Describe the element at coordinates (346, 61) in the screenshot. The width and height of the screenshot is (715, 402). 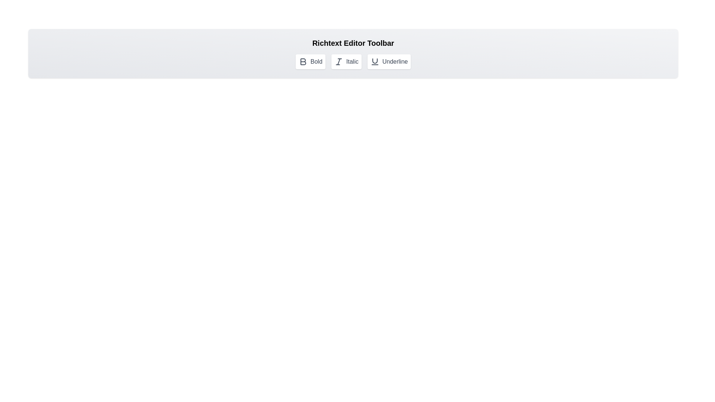
I see `the 'Italic' button to toggle italic formatting` at that location.